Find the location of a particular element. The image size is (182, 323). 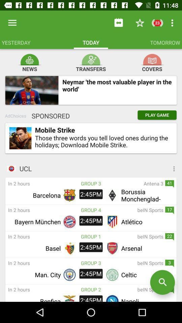

the item above the borussia monchengladbach is located at coordinates (132, 183).